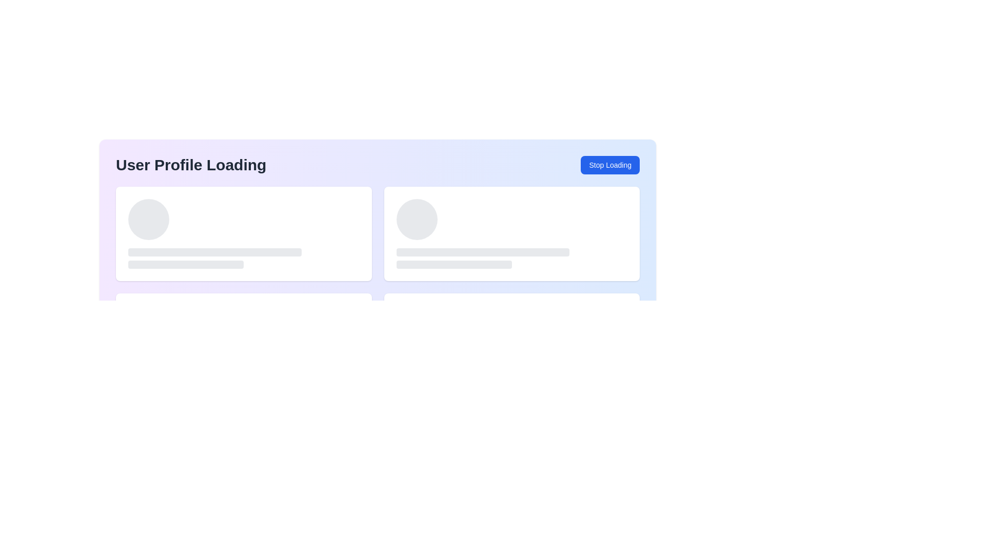 Image resolution: width=985 pixels, height=554 pixels. I want to click on the loading state of the Skeleton loading card, which is the second card in a 2x2 grid layout, located in the top row on the right side, so click(511, 233).